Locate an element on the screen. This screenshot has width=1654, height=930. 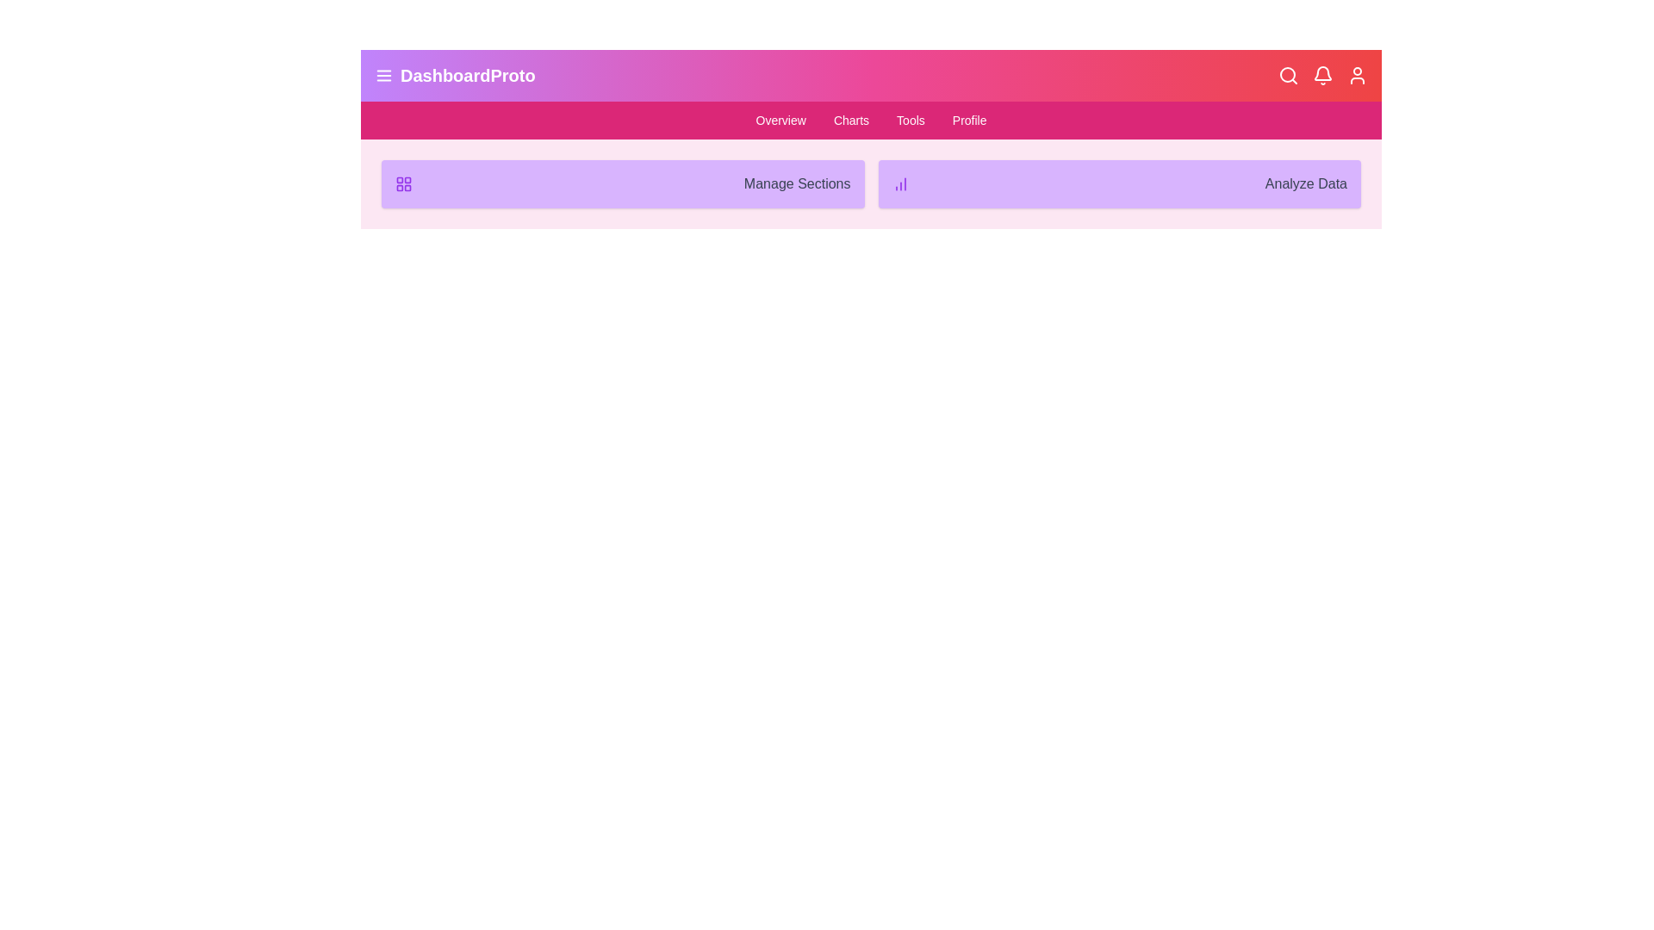
the 'Manage Sections' action card to explore its functionality is located at coordinates (622, 183).